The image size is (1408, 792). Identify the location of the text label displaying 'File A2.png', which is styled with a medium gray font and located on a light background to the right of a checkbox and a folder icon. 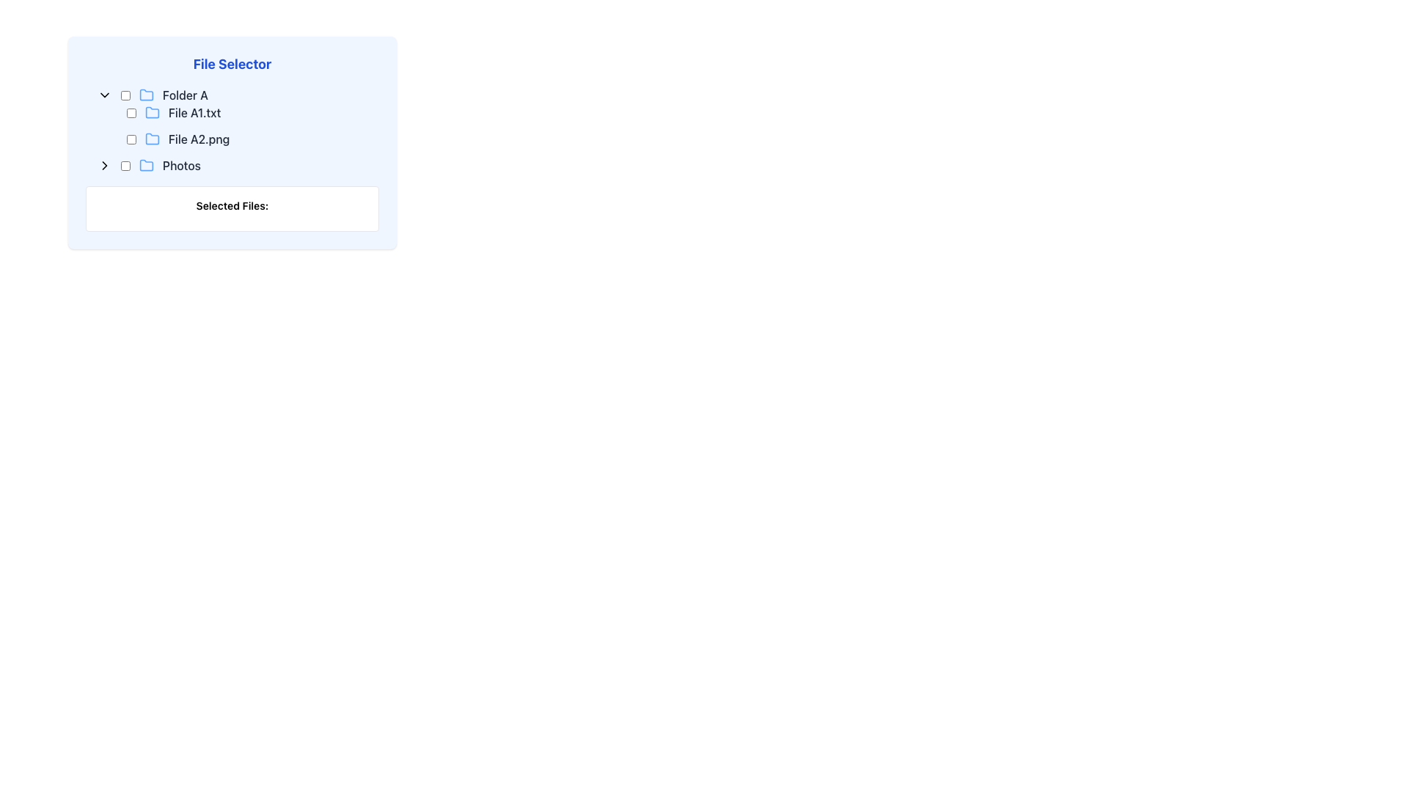
(198, 139).